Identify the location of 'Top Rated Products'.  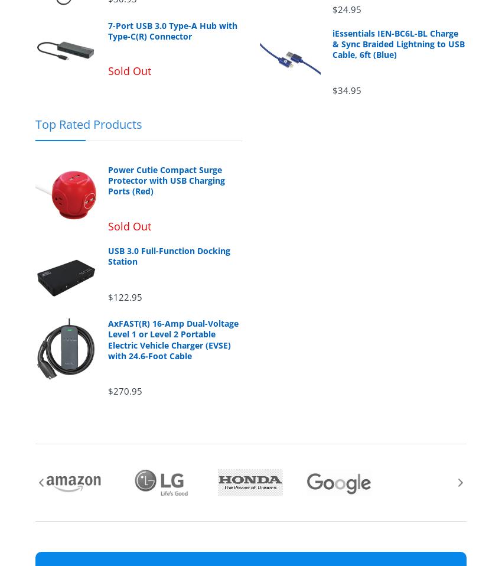
(35, 123).